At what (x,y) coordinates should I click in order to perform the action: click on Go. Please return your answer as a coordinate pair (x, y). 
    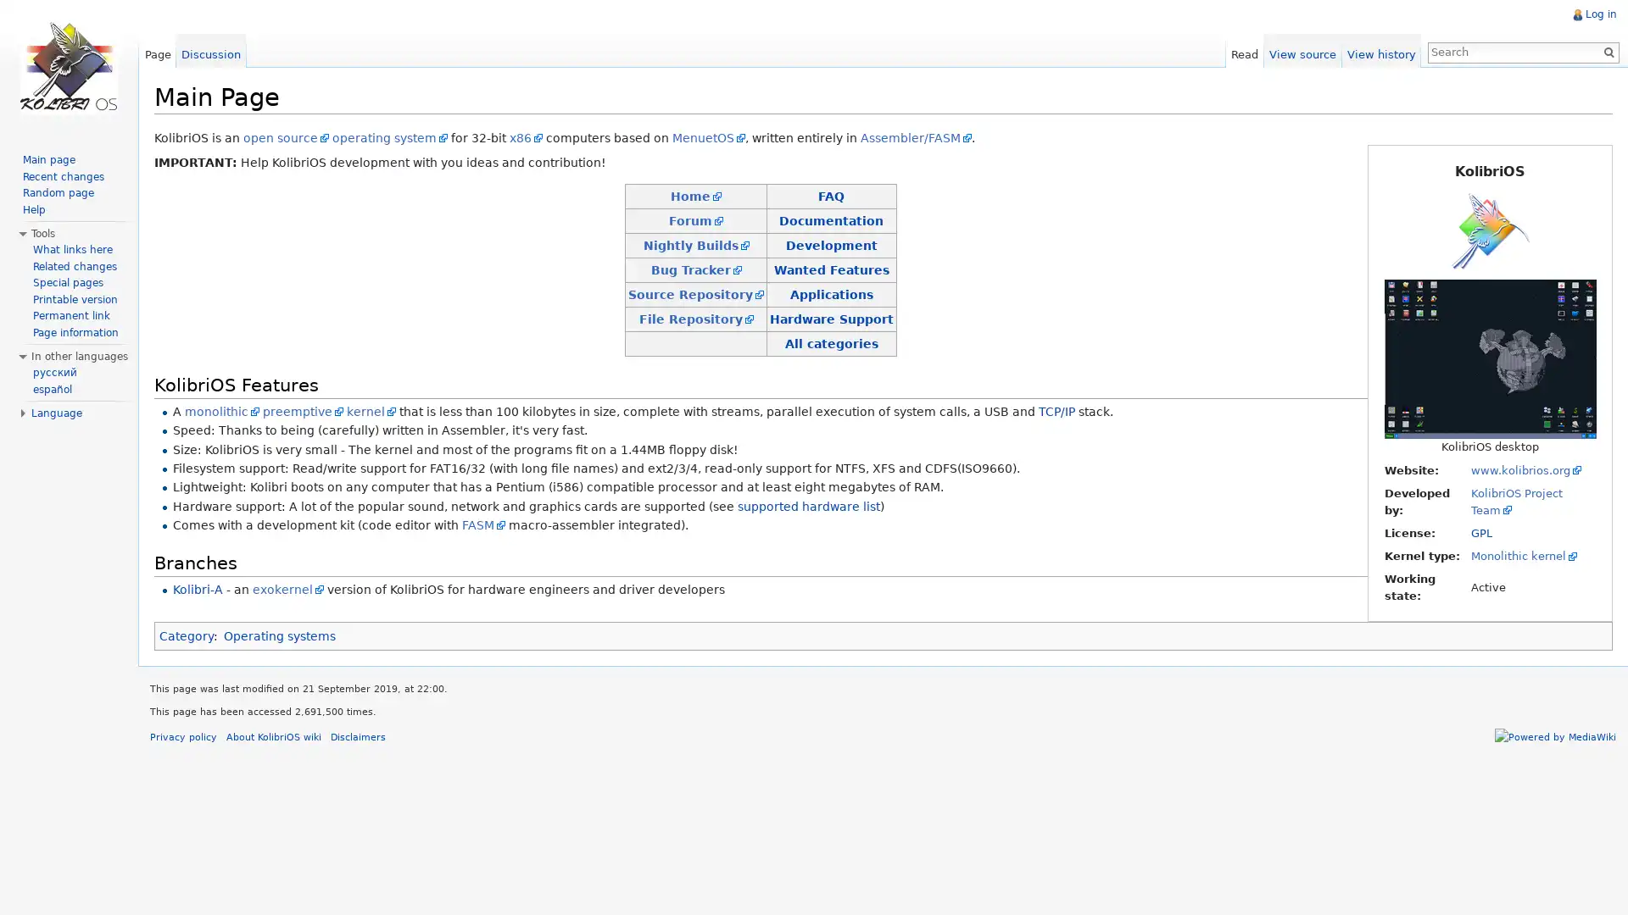
    Looking at the image, I should click on (1603, 51).